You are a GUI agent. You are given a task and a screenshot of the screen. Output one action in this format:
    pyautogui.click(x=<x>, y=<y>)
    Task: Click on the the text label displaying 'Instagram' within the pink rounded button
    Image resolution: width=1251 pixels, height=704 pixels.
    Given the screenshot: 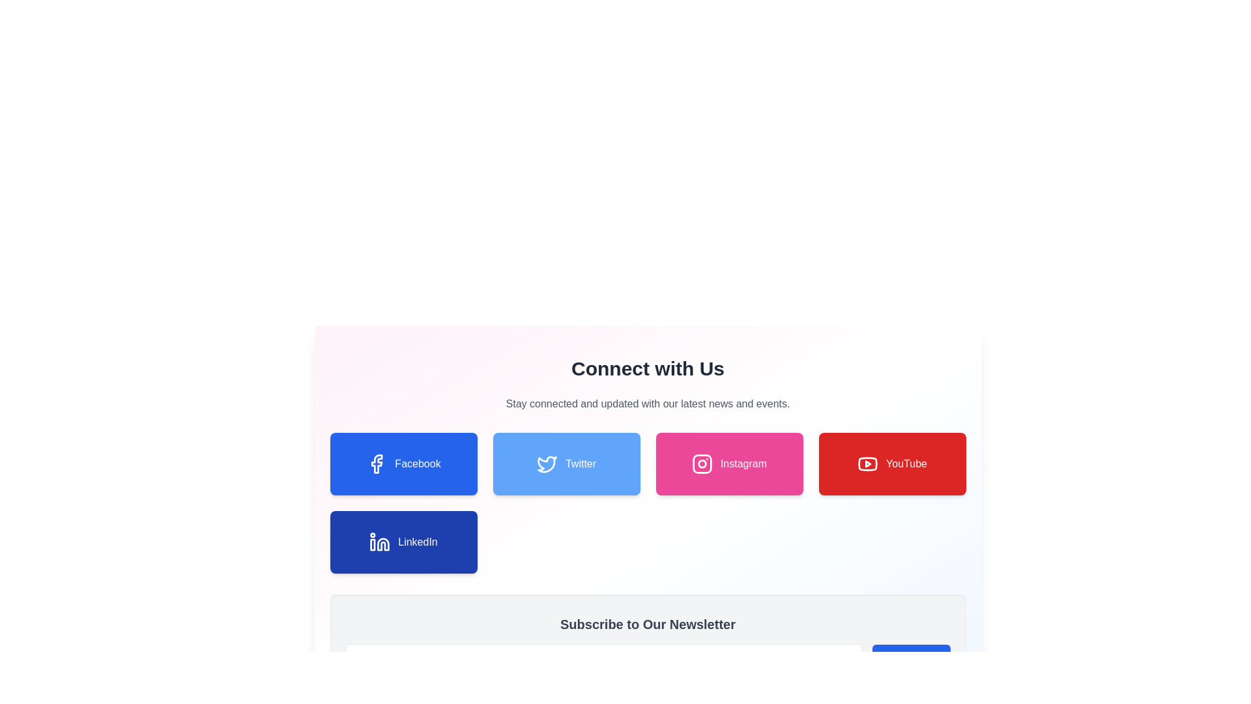 What is the action you would take?
    pyautogui.click(x=743, y=463)
    